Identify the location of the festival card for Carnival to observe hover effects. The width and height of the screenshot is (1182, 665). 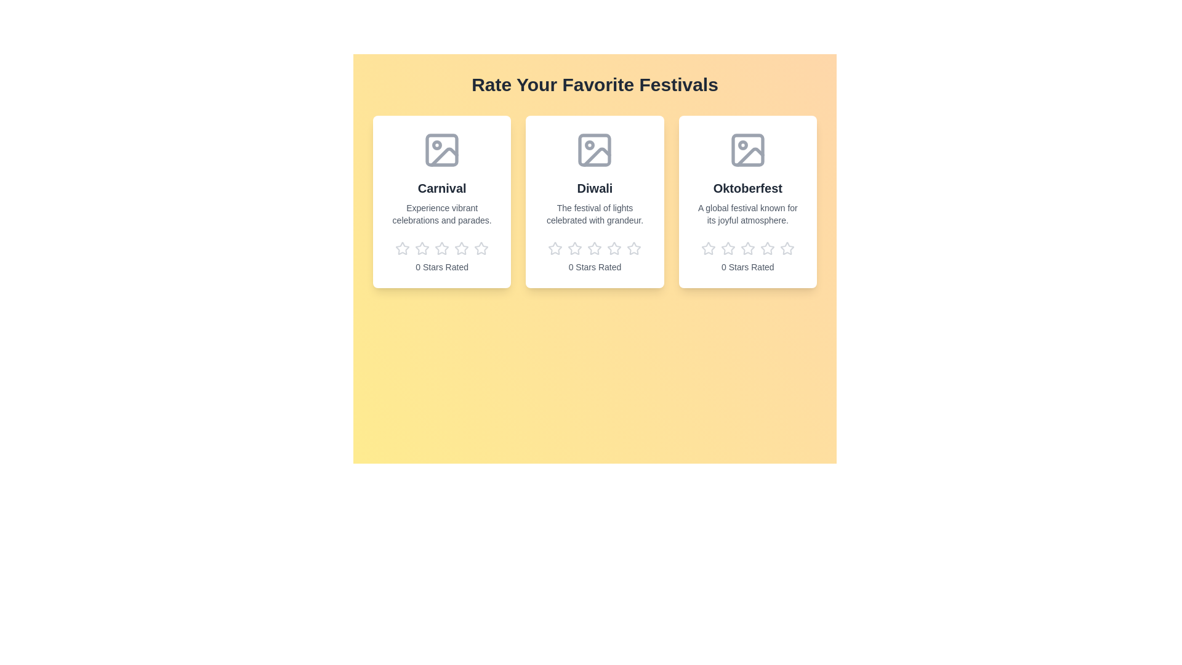
(442, 201).